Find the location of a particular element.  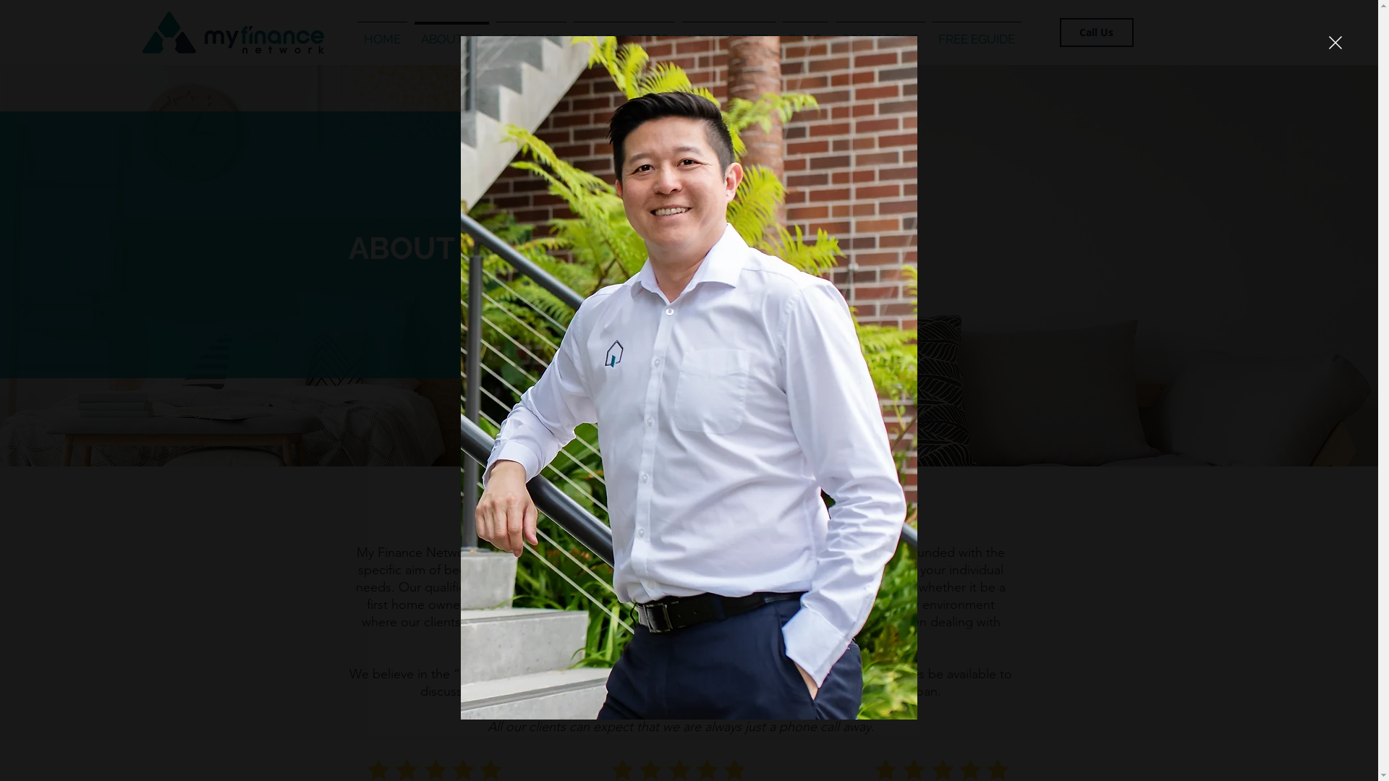

'FREE EGUIDE' is located at coordinates (928, 33).